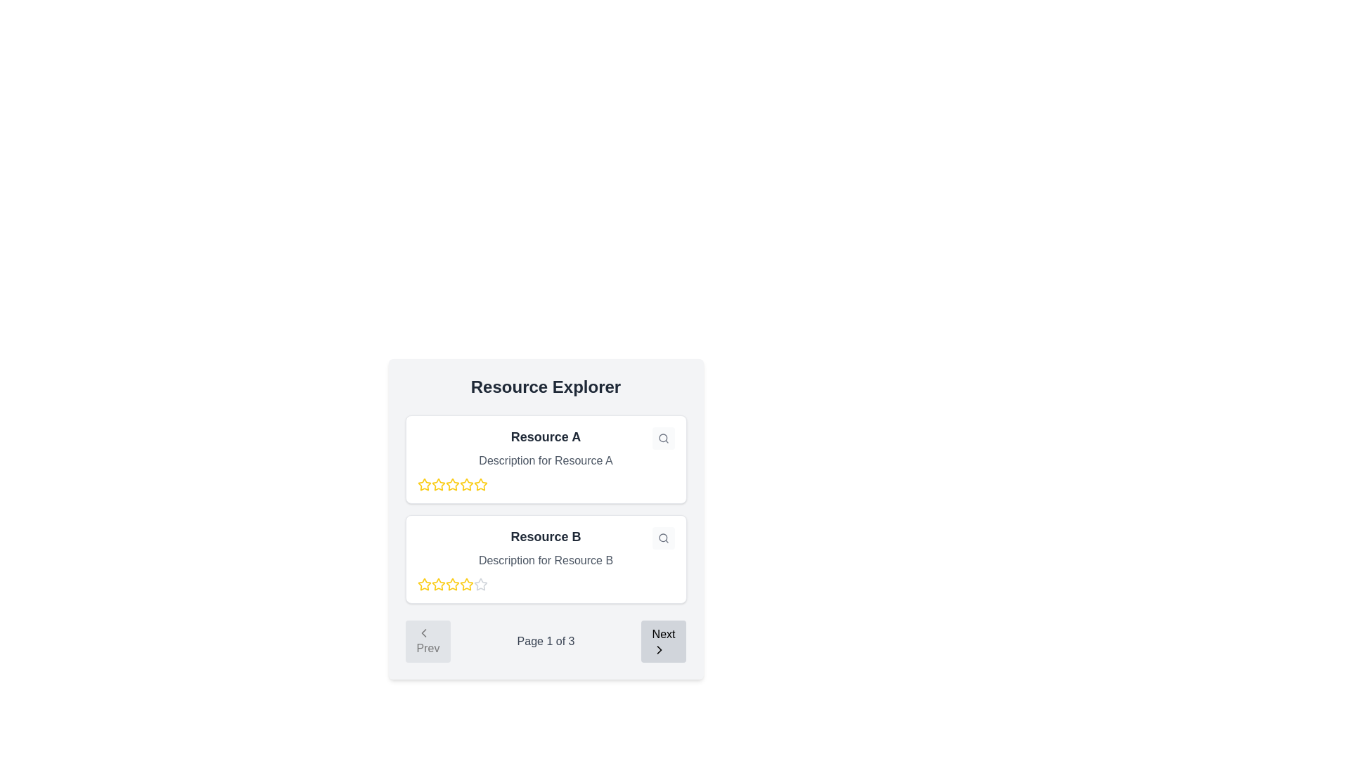 The width and height of the screenshot is (1350, 759). What do you see at coordinates (437, 484) in the screenshot?
I see `the third yellow star icon in the rating system under the header 'Resource A' for accessibility purposes` at bounding box center [437, 484].